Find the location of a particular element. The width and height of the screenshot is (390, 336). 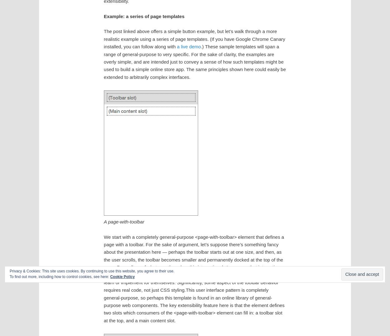

'Cookie Policy' is located at coordinates (122, 276).